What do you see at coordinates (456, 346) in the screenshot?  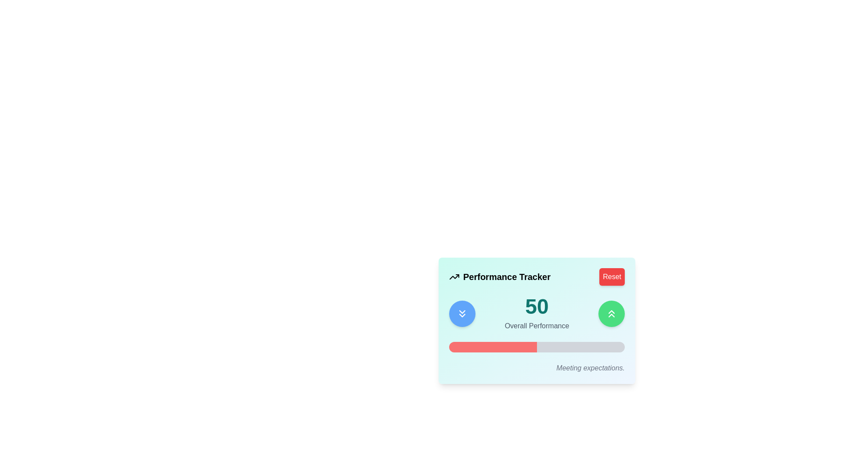 I see `performance level` at bounding box center [456, 346].